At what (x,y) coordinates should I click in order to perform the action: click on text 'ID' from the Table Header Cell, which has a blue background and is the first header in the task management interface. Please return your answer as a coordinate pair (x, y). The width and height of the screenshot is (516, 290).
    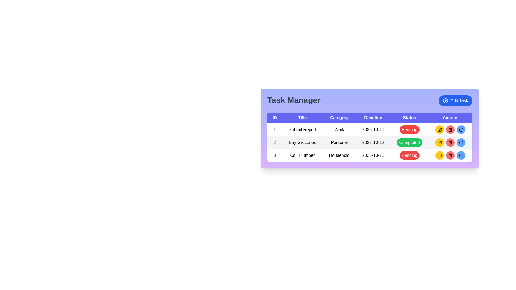
    Looking at the image, I should click on (275, 118).